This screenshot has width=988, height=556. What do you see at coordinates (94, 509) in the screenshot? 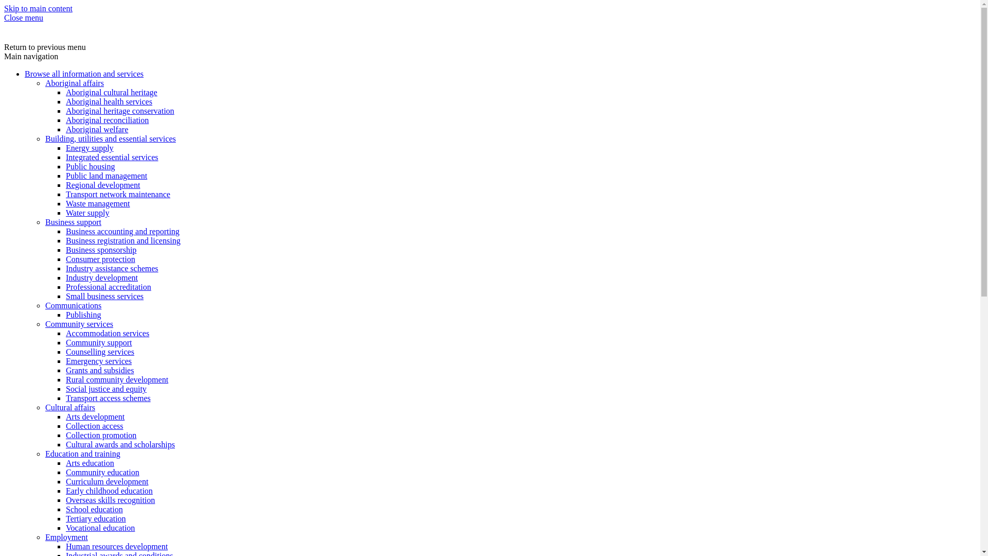
I see `'School education'` at bounding box center [94, 509].